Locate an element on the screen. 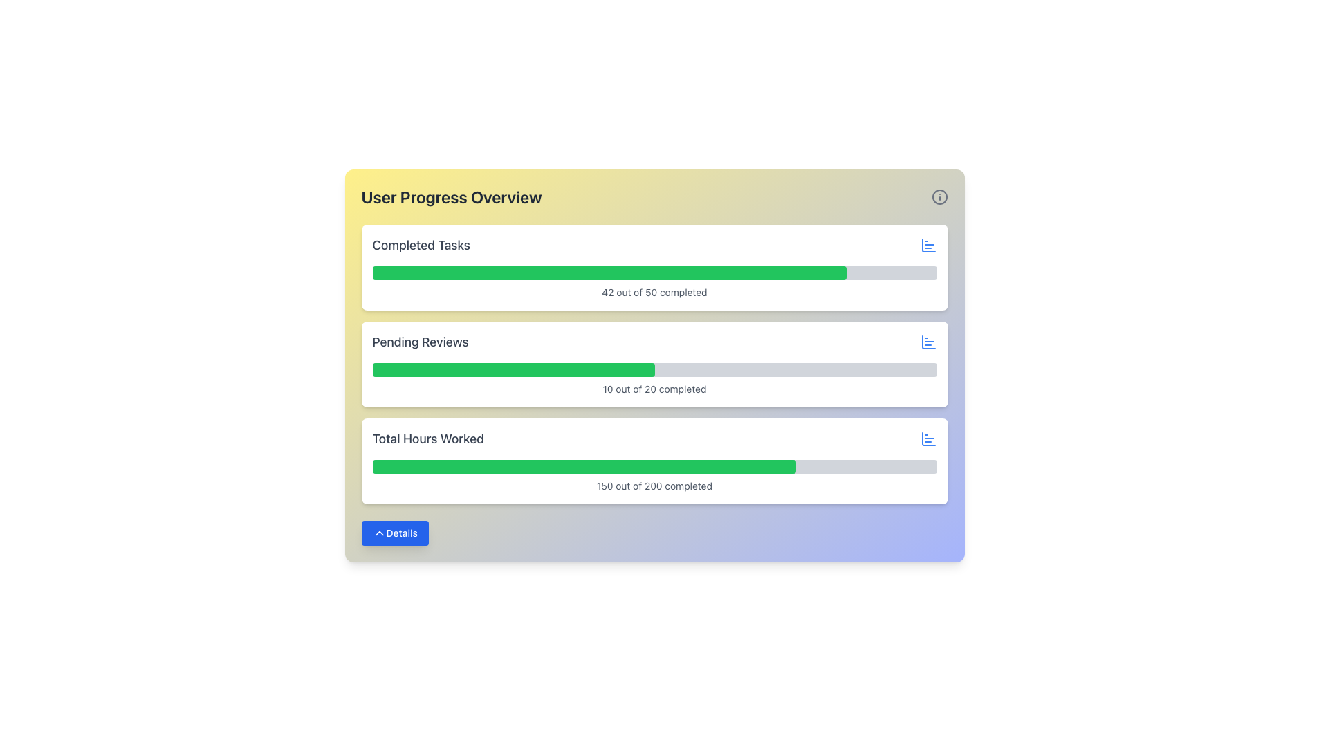  the icon button located to the right of the 'Total Hours Worked' label in the third card of a vertical stack is located at coordinates (928, 439).